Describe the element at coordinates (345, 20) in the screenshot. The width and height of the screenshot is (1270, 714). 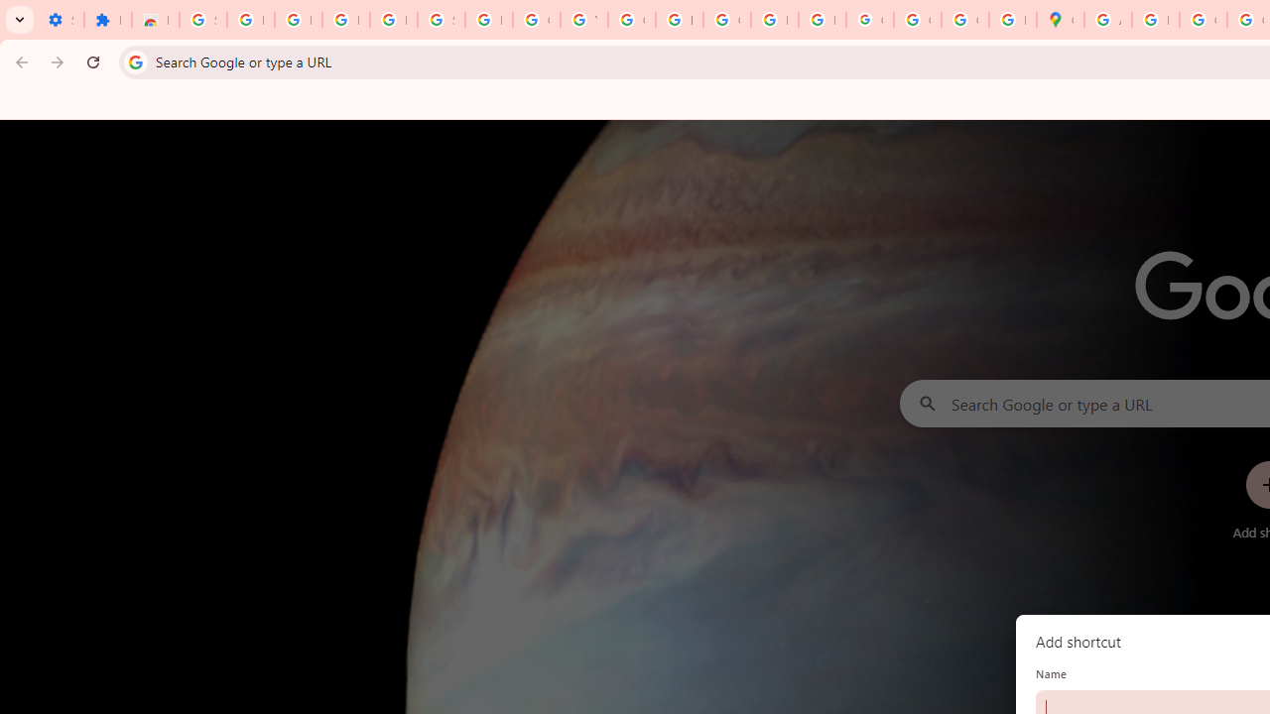
I see `'Learn how to find your photos - Google Photos Help'` at that location.